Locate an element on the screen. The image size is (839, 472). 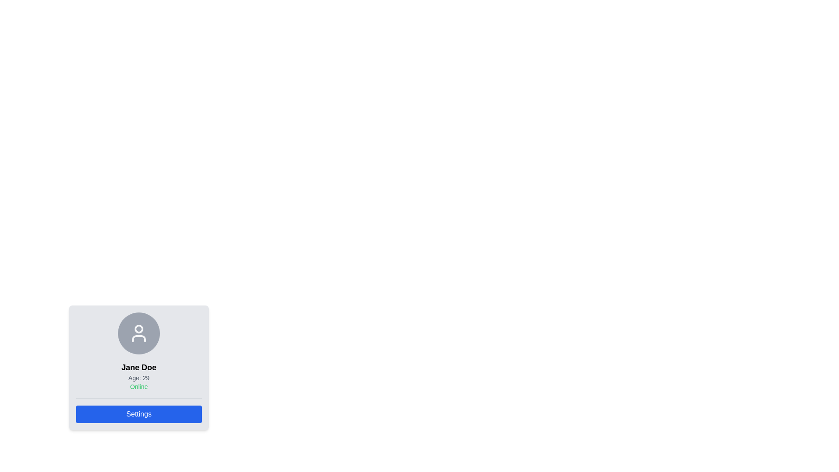
the status indicator text label that denotes the user's online status, positioned below 'Age: 29' within the profile card is located at coordinates (138, 386).